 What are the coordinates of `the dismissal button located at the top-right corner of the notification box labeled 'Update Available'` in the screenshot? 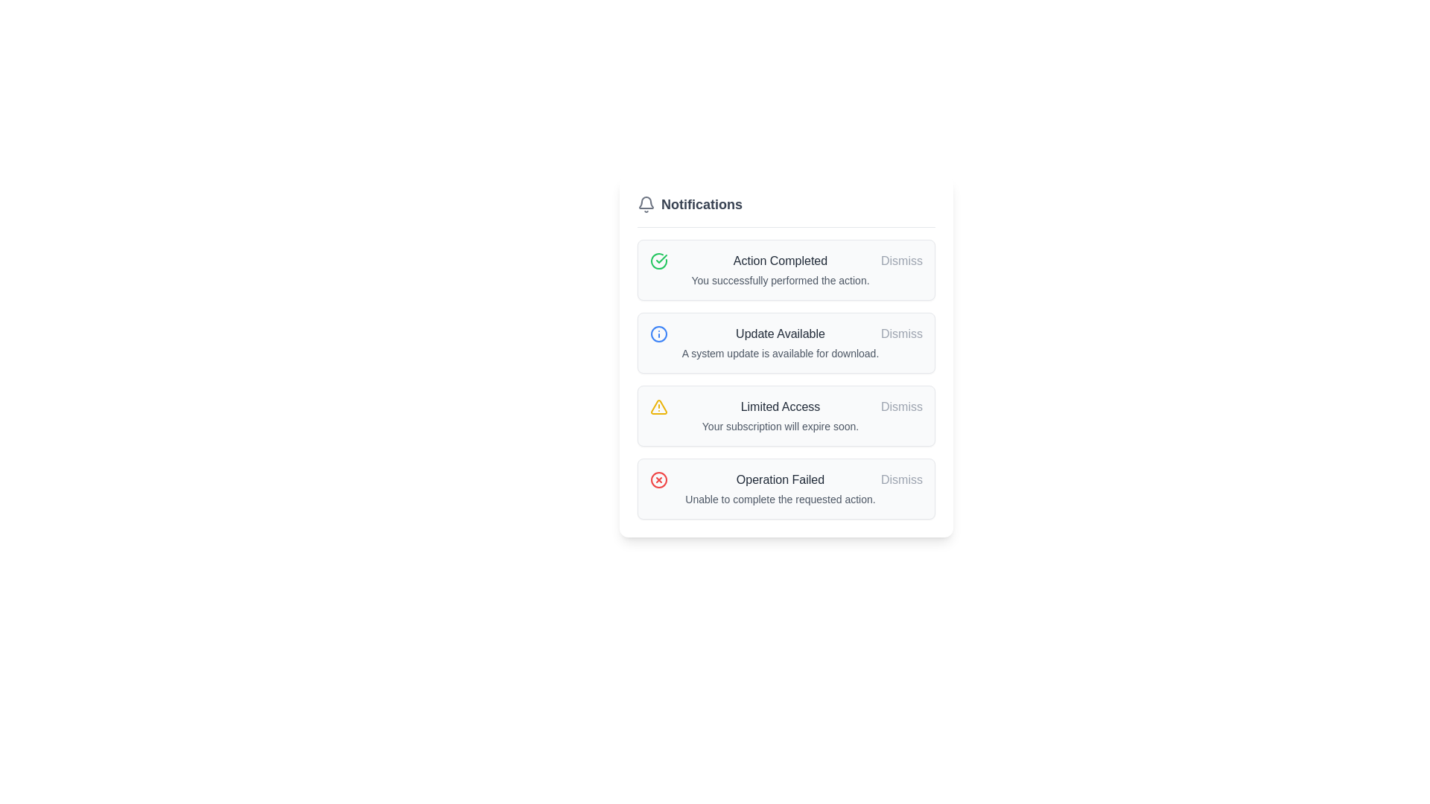 It's located at (900, 333).